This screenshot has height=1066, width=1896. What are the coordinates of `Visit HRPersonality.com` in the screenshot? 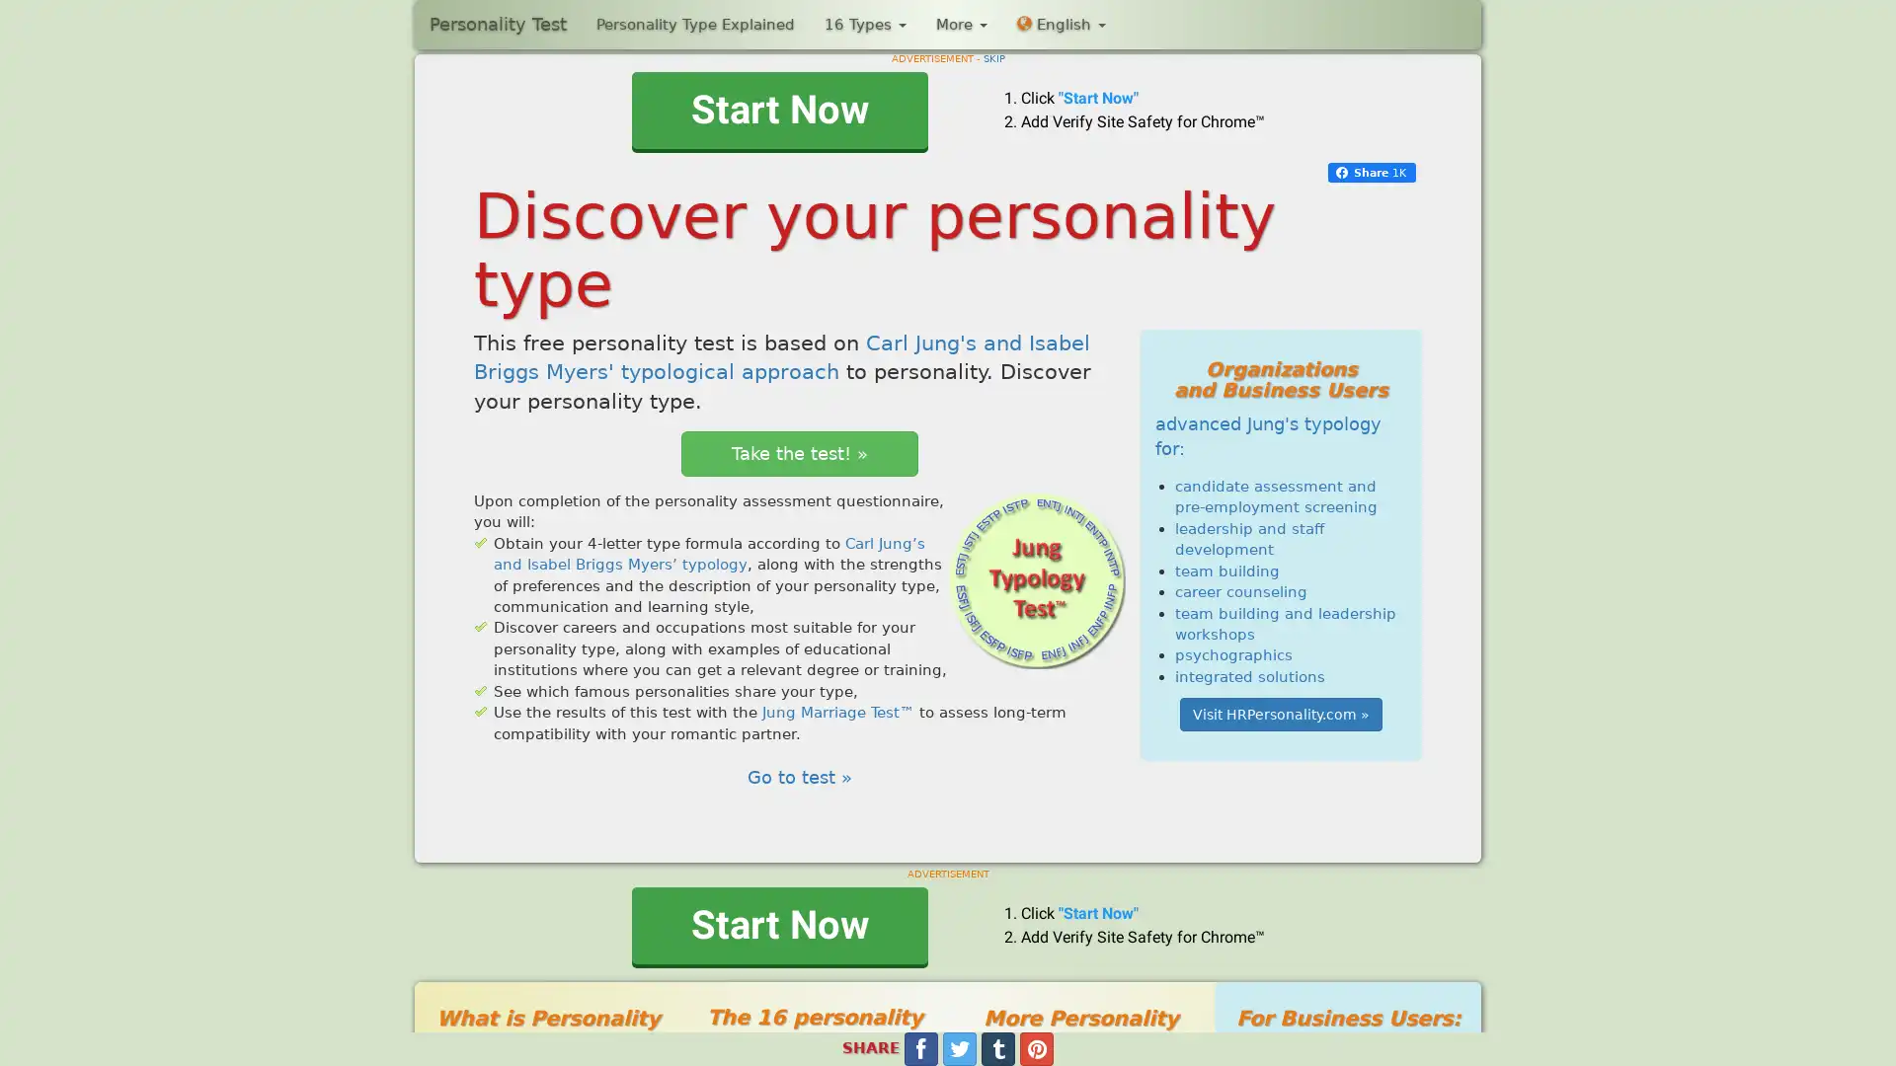 It's located at (1281, 715).